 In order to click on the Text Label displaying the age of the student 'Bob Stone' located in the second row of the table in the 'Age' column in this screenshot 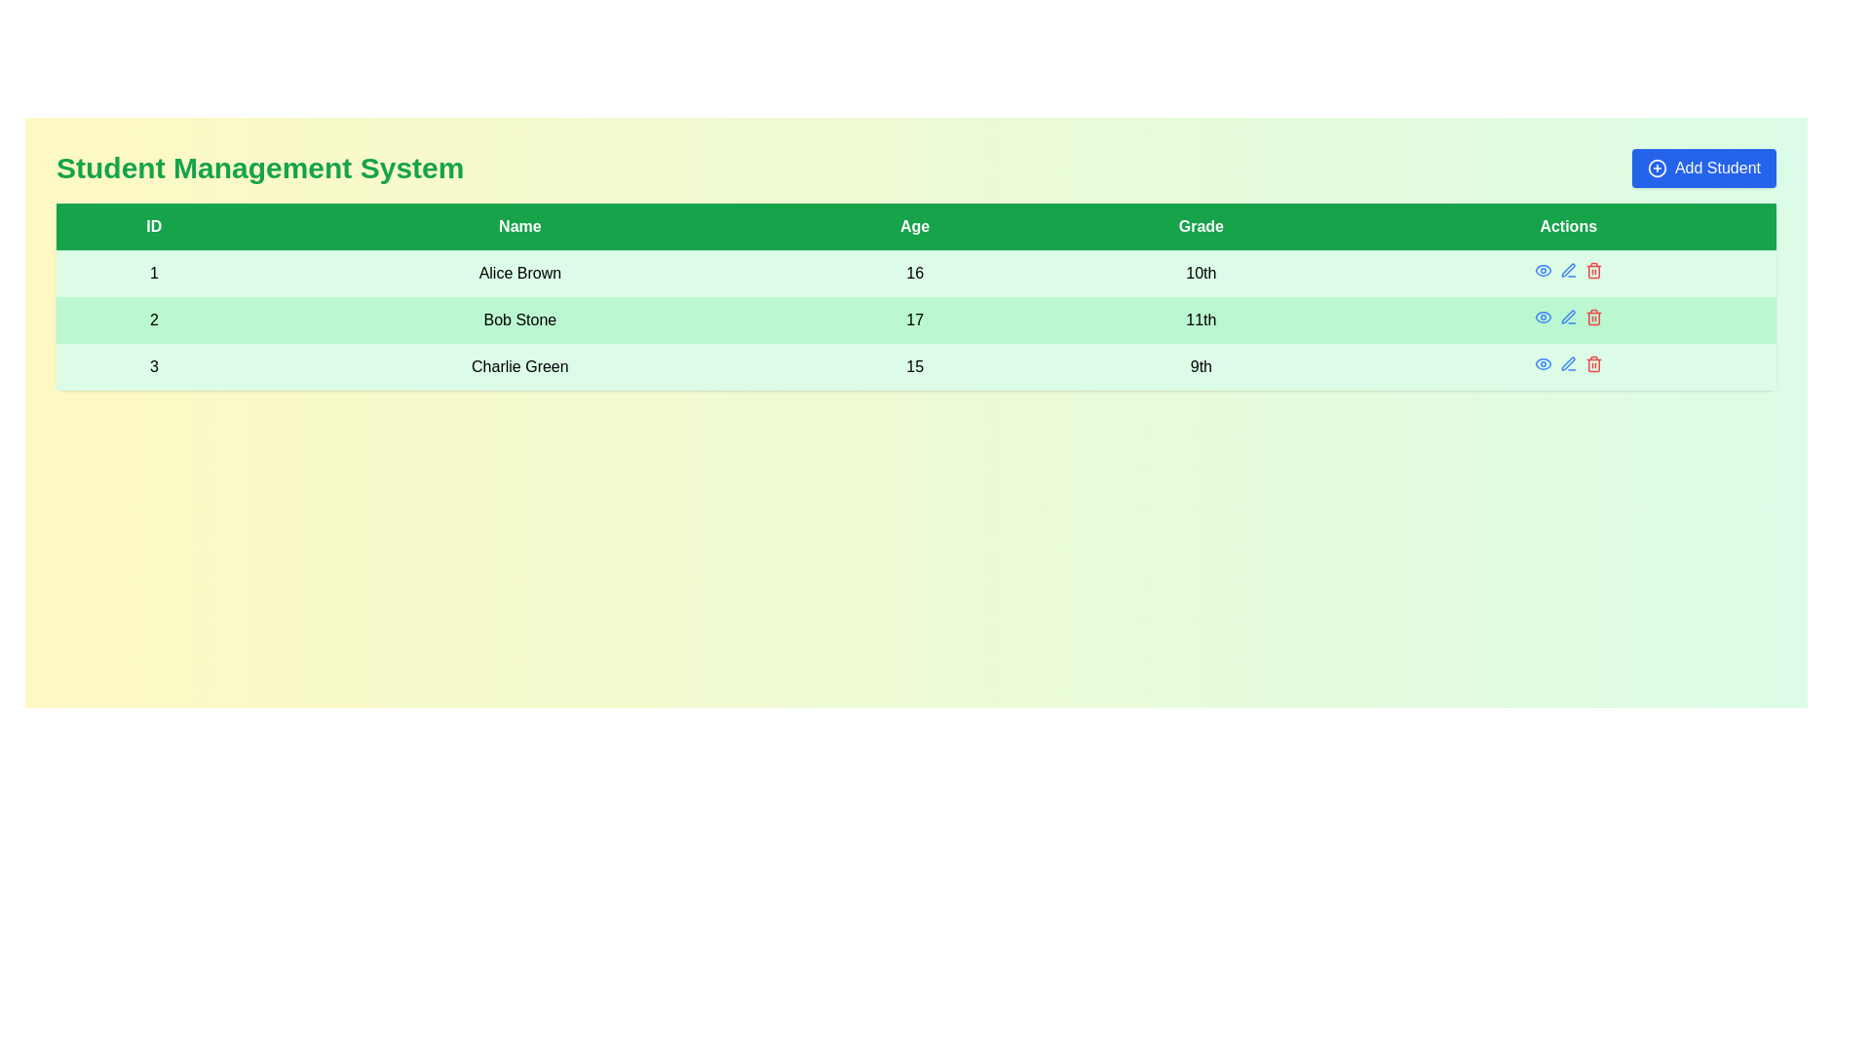, I will do `click(914, 319)`.